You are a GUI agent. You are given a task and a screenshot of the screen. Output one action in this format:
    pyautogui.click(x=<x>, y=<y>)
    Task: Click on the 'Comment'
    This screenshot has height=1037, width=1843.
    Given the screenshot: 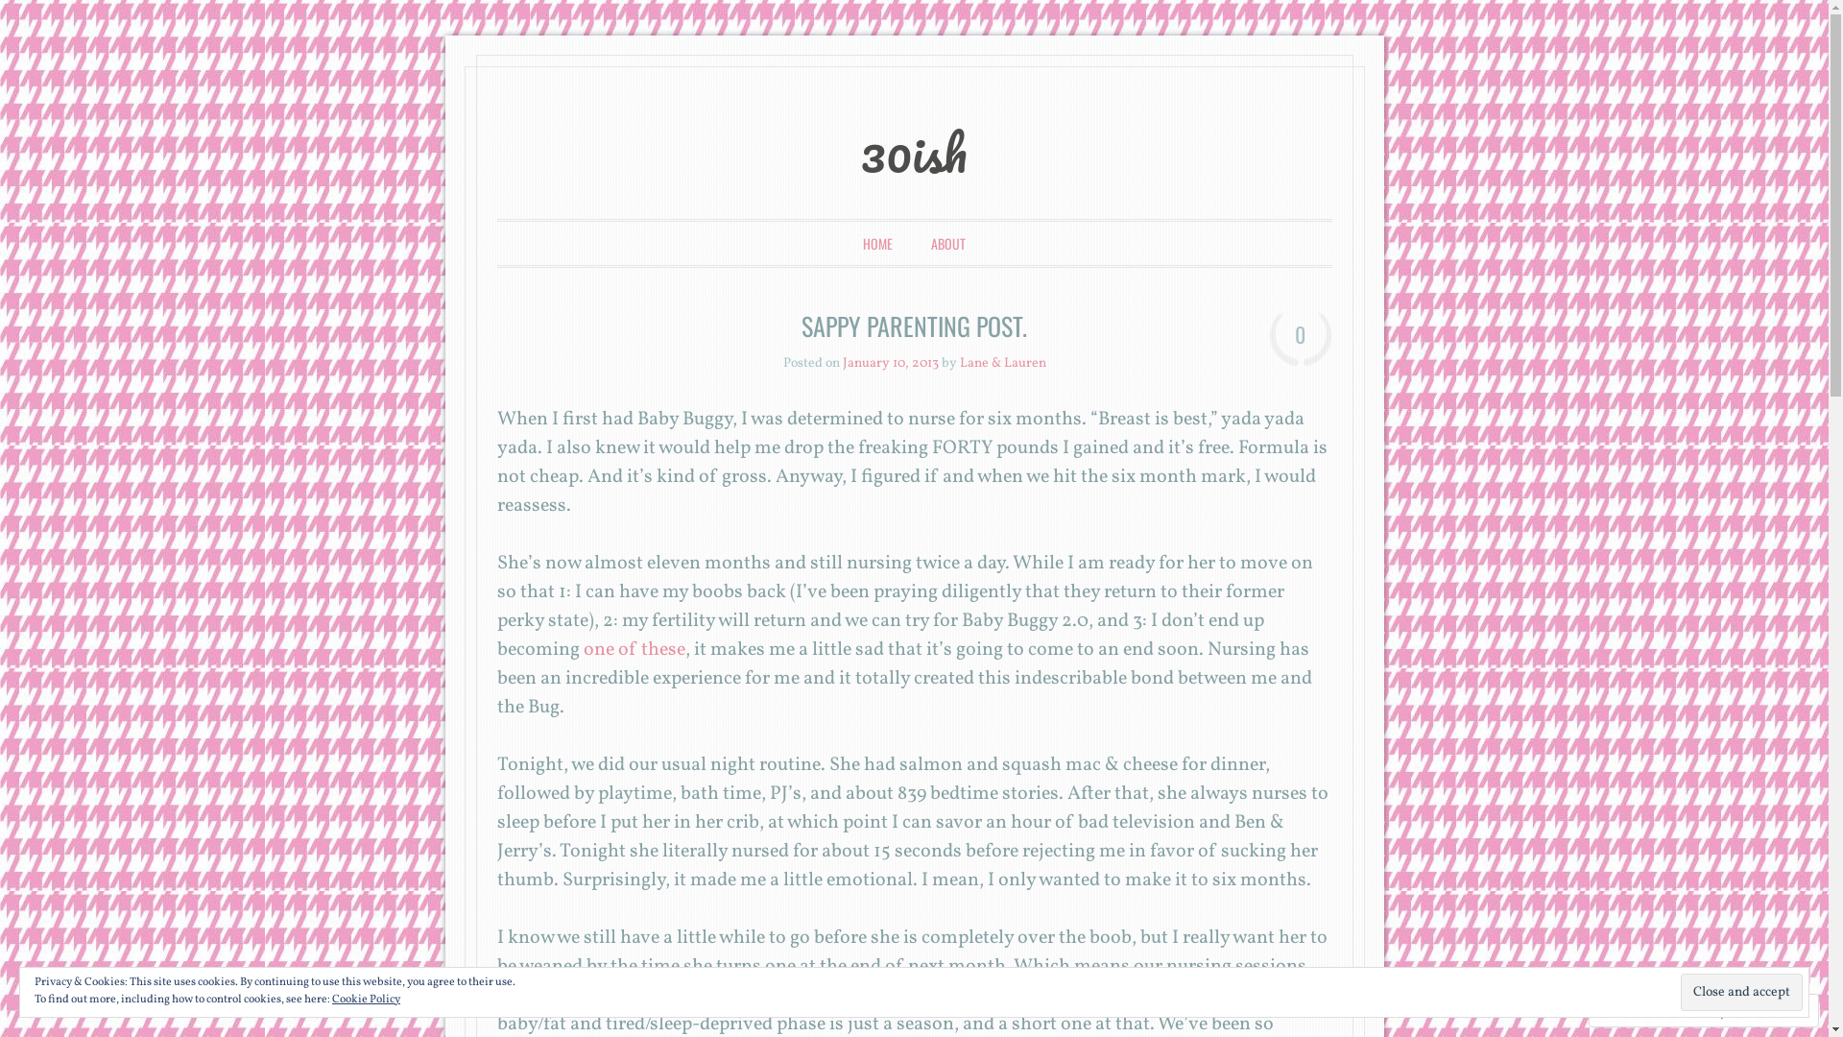 What is the action you would take?
    pyautogui.click(x=1640, y=1009)
    